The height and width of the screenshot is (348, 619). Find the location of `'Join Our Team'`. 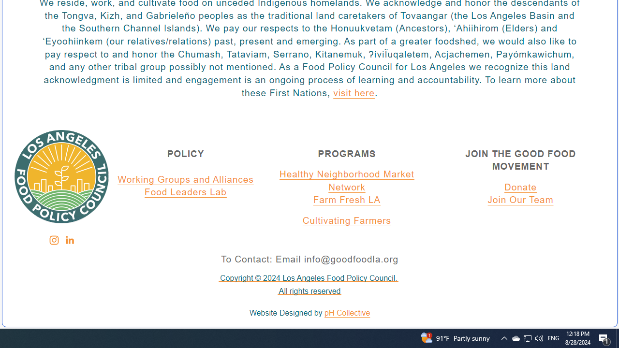

'Join Our Team' is located at coordinates (520, 200).